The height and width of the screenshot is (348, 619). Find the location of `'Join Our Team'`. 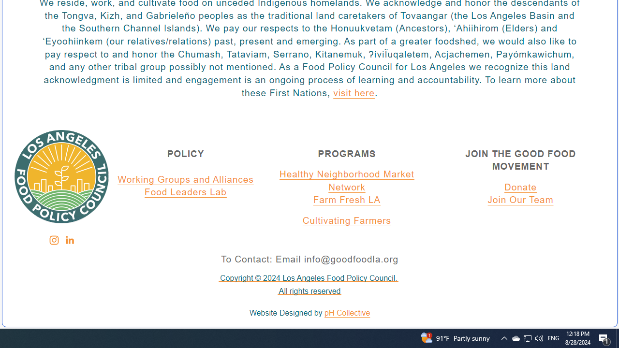

'Join Our Team' is located at coordinates (520, 200).